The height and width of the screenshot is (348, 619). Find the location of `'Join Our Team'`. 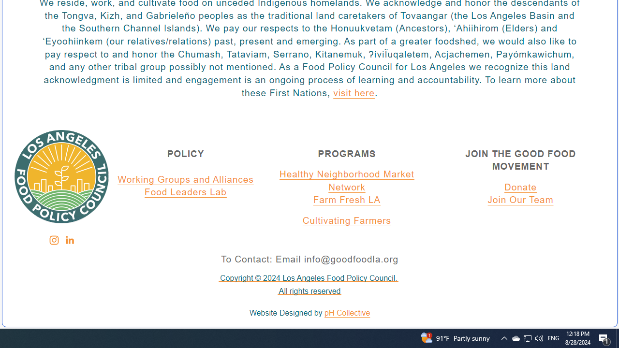

'Join Our Team' is located at coordinates (520, 200).